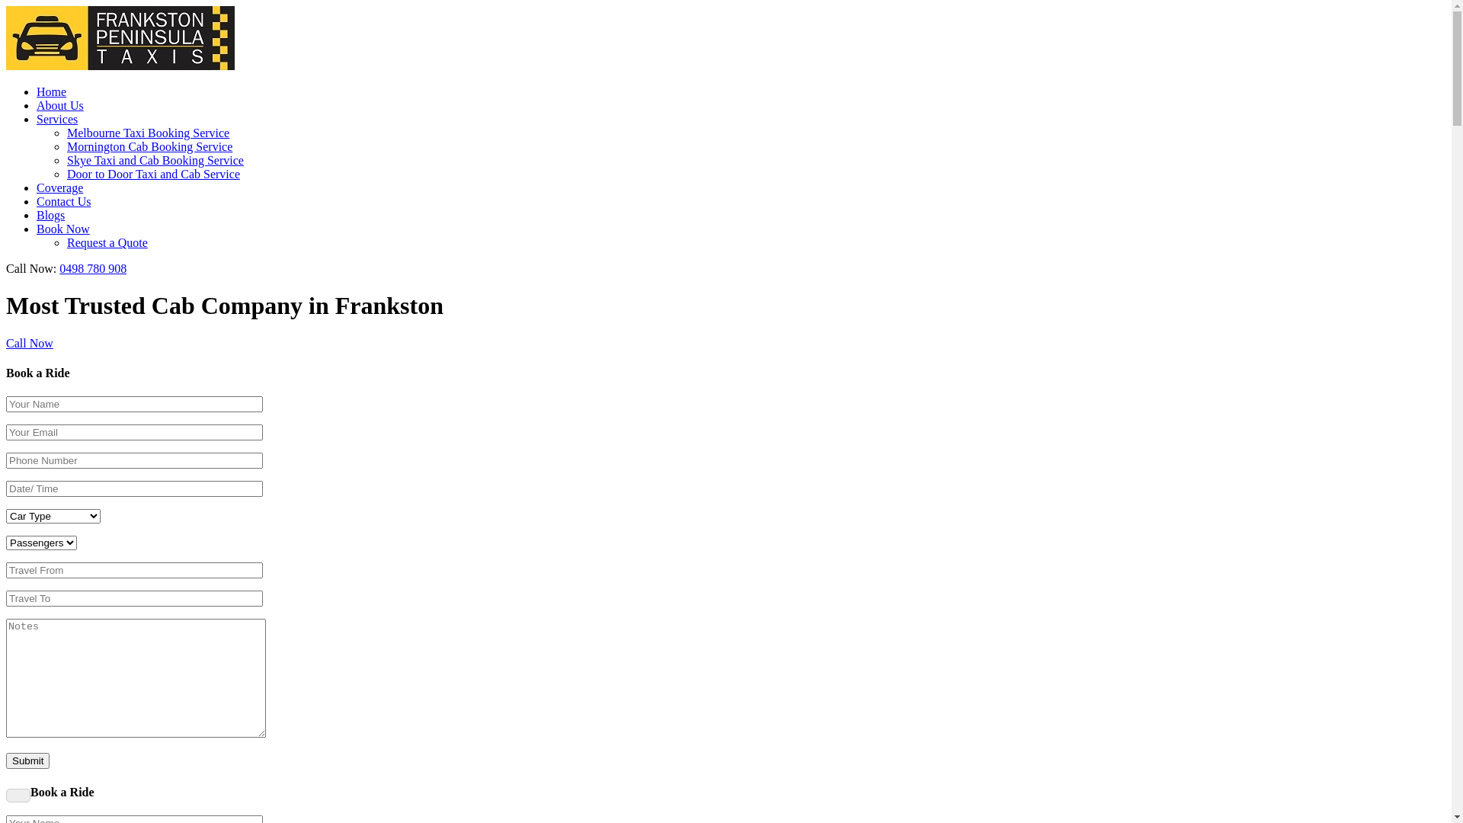 The height and width of the screenshot is (823, 1463). What do you see at coordinates (59, 187) in the screenshot?
I see `'Coverage'` at bounding box center [59, 187].